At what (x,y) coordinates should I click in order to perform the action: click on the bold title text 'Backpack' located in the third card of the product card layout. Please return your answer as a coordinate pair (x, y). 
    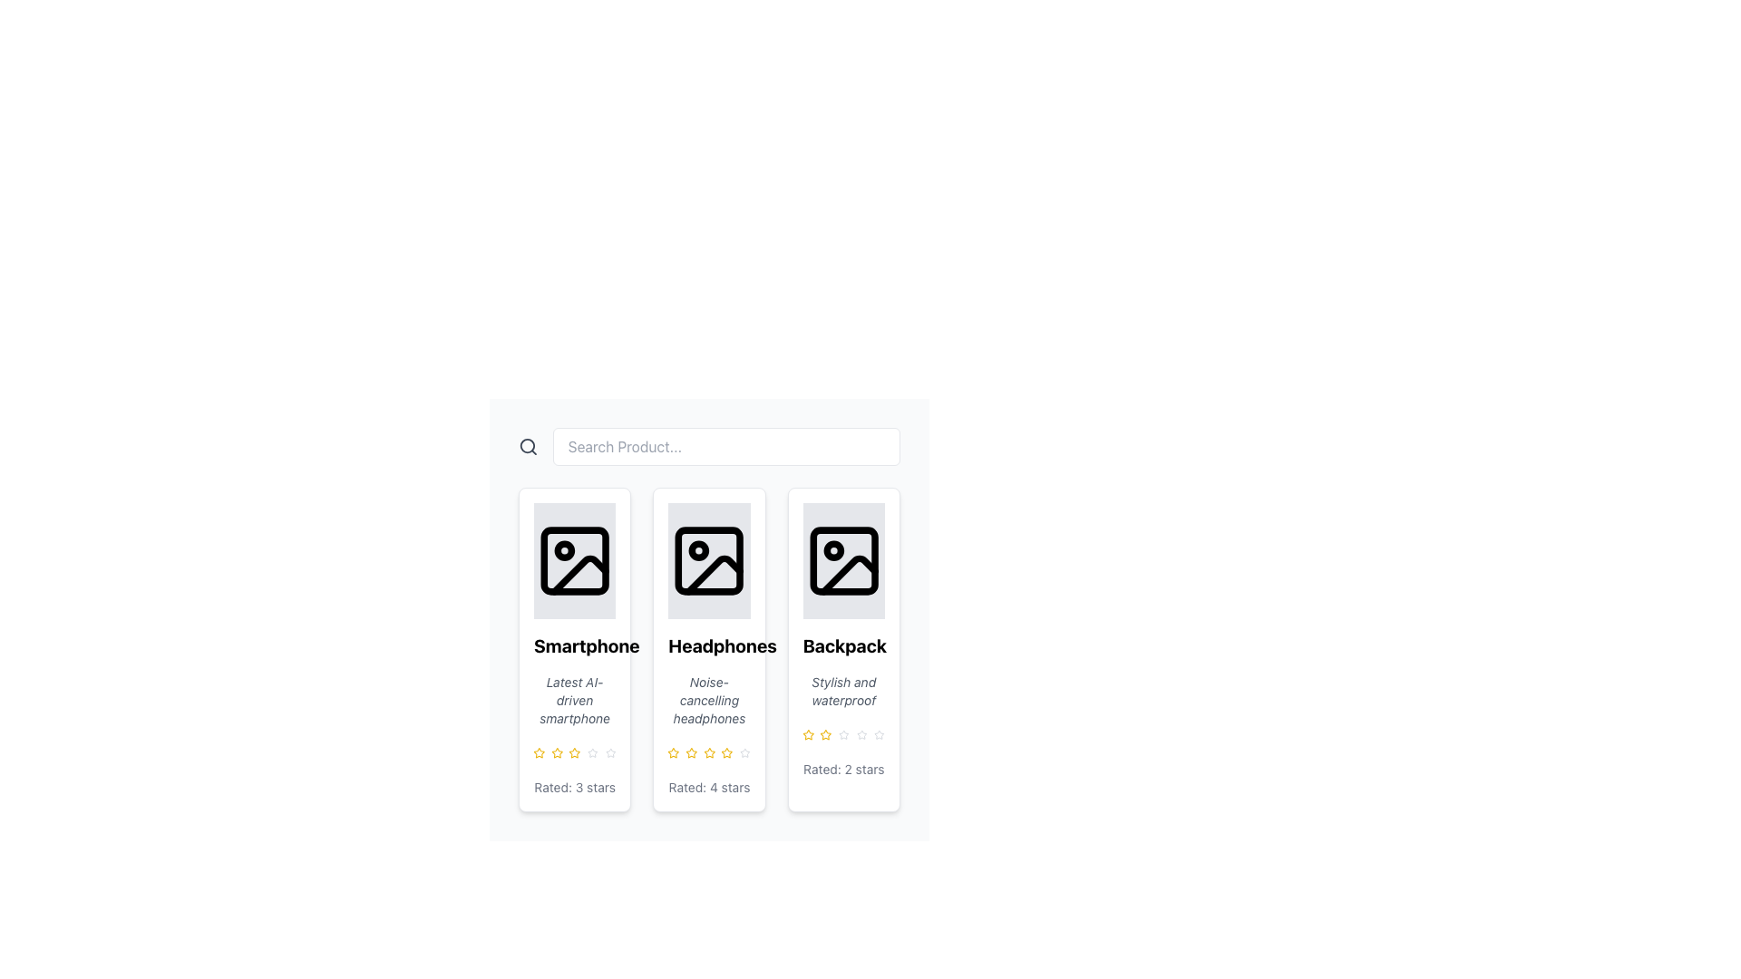
    Looking at the image, I should click on (842, 645).